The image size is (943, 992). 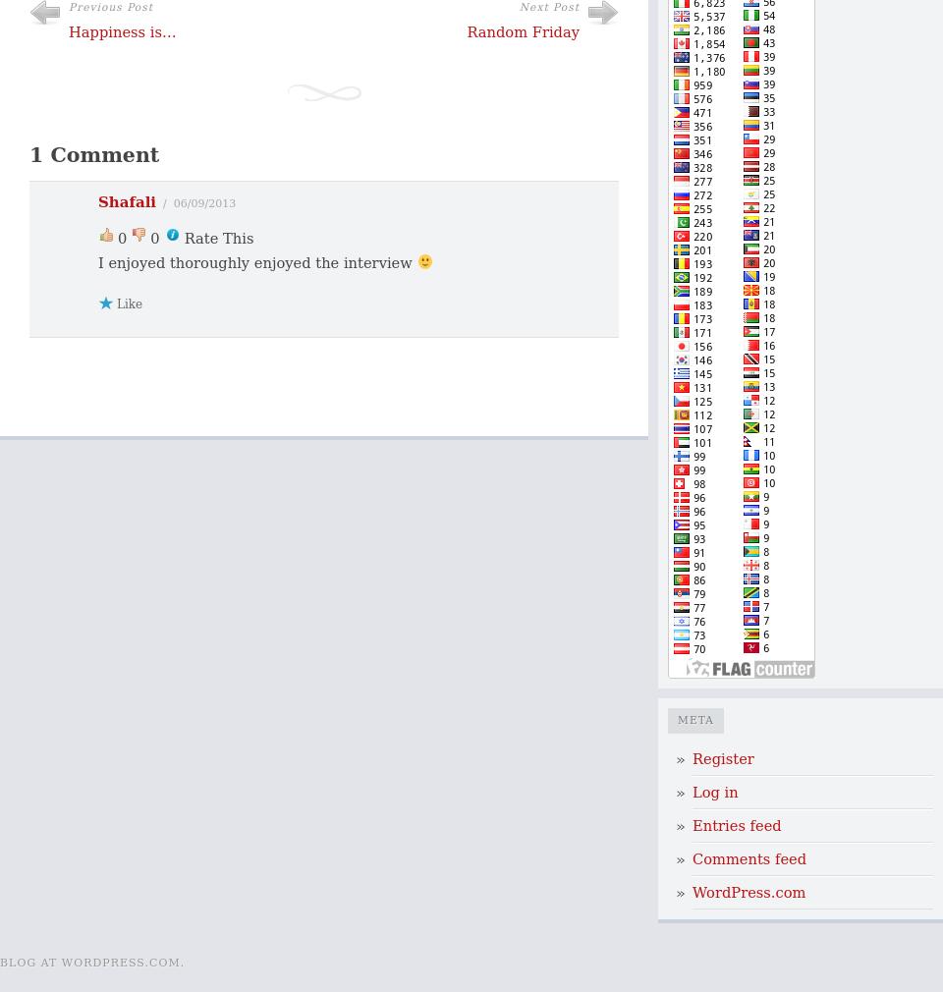 I want to click on 'I enjoyed thoroughly enjoyed the interview', so click(x=255, y=261).